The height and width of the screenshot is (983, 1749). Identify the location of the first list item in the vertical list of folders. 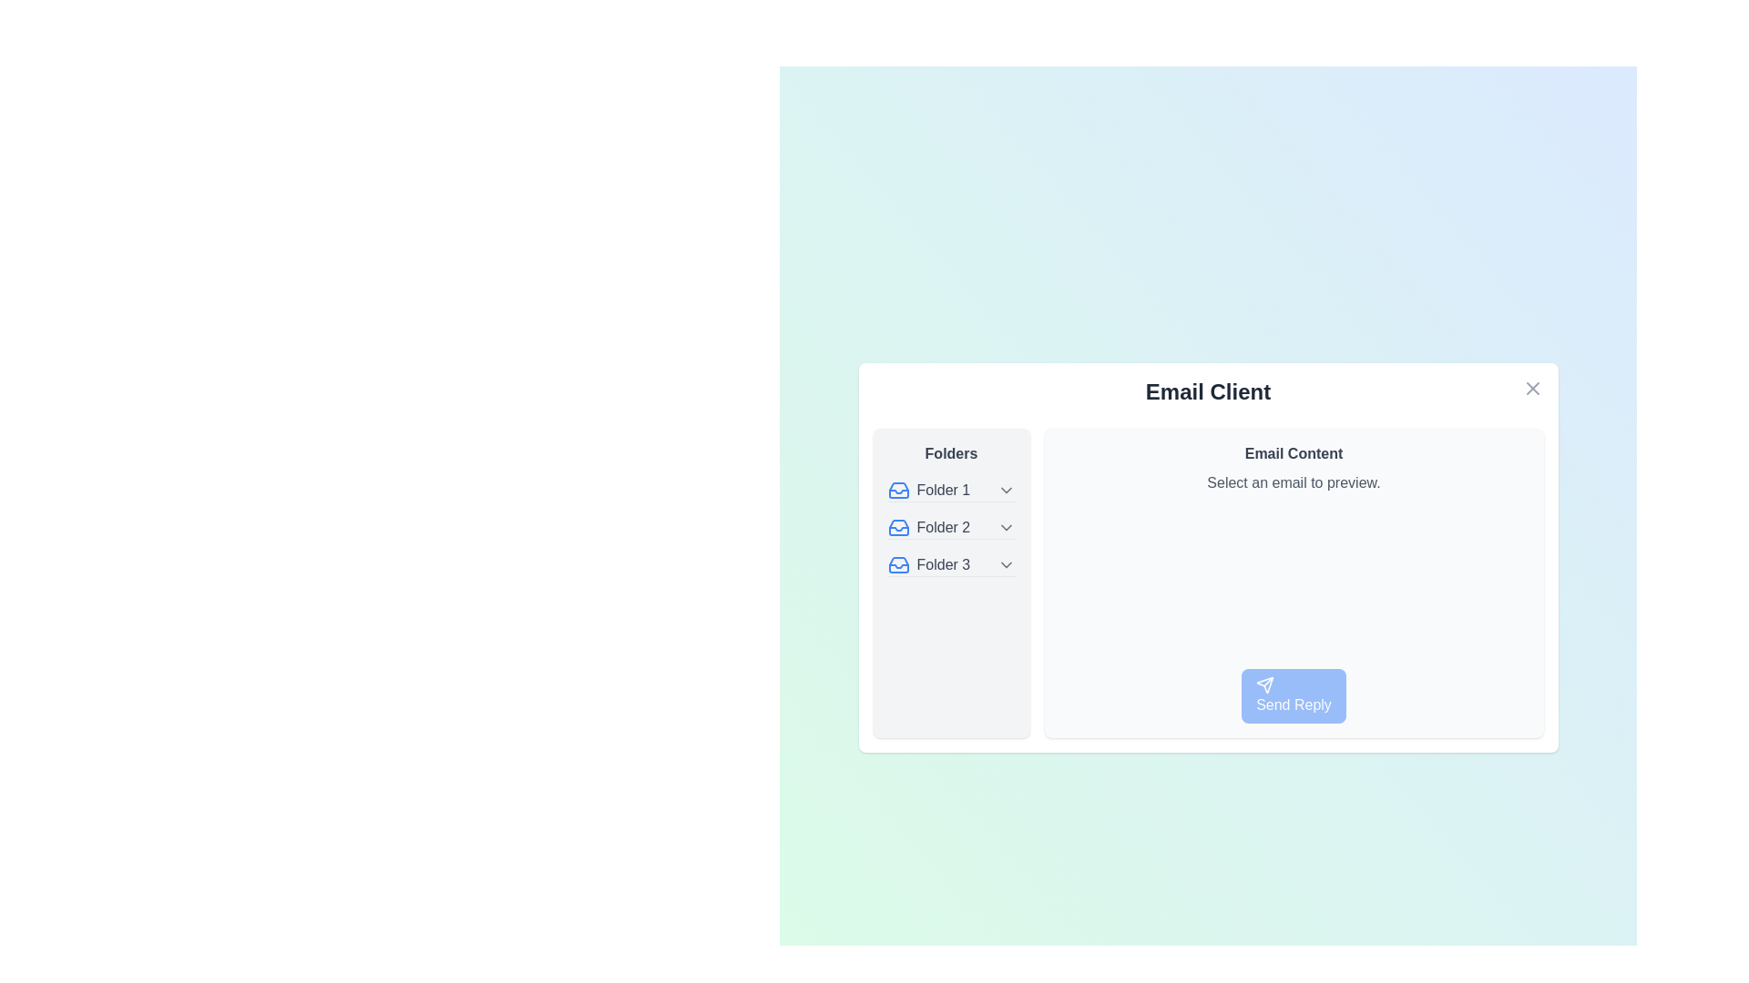
(928, 490).